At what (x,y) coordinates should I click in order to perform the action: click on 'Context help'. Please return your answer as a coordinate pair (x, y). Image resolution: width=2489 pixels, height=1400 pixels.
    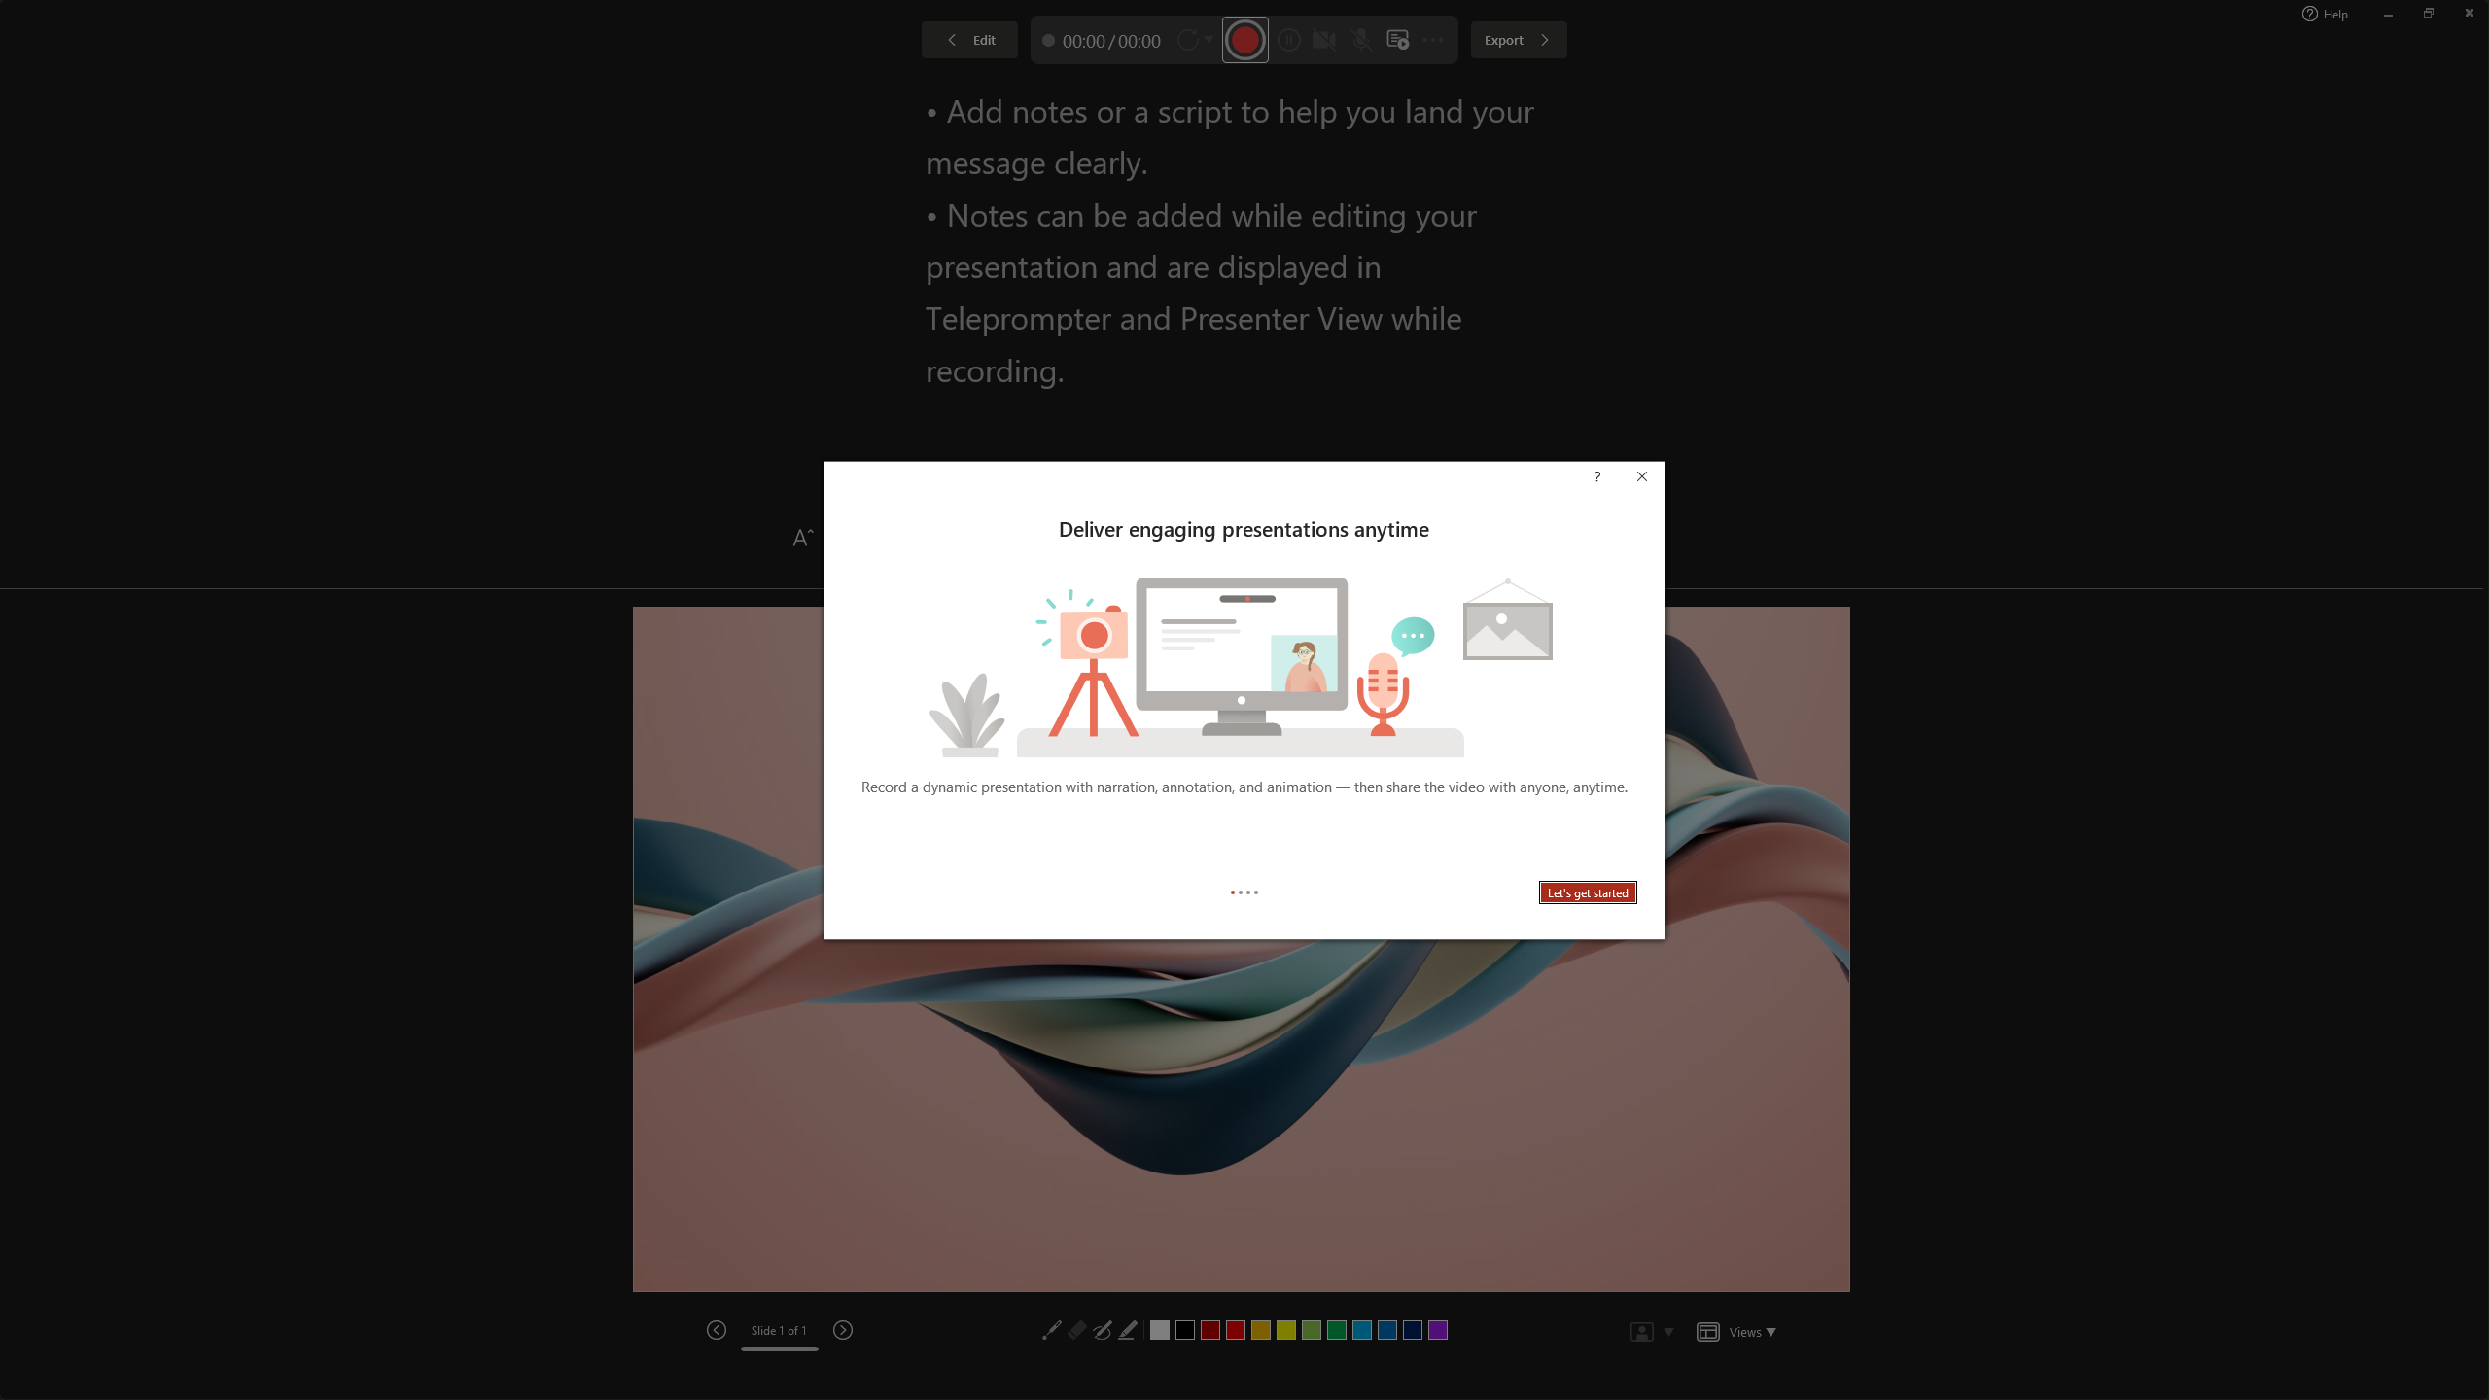
    Looking at the image, I should click on (1625, 479).